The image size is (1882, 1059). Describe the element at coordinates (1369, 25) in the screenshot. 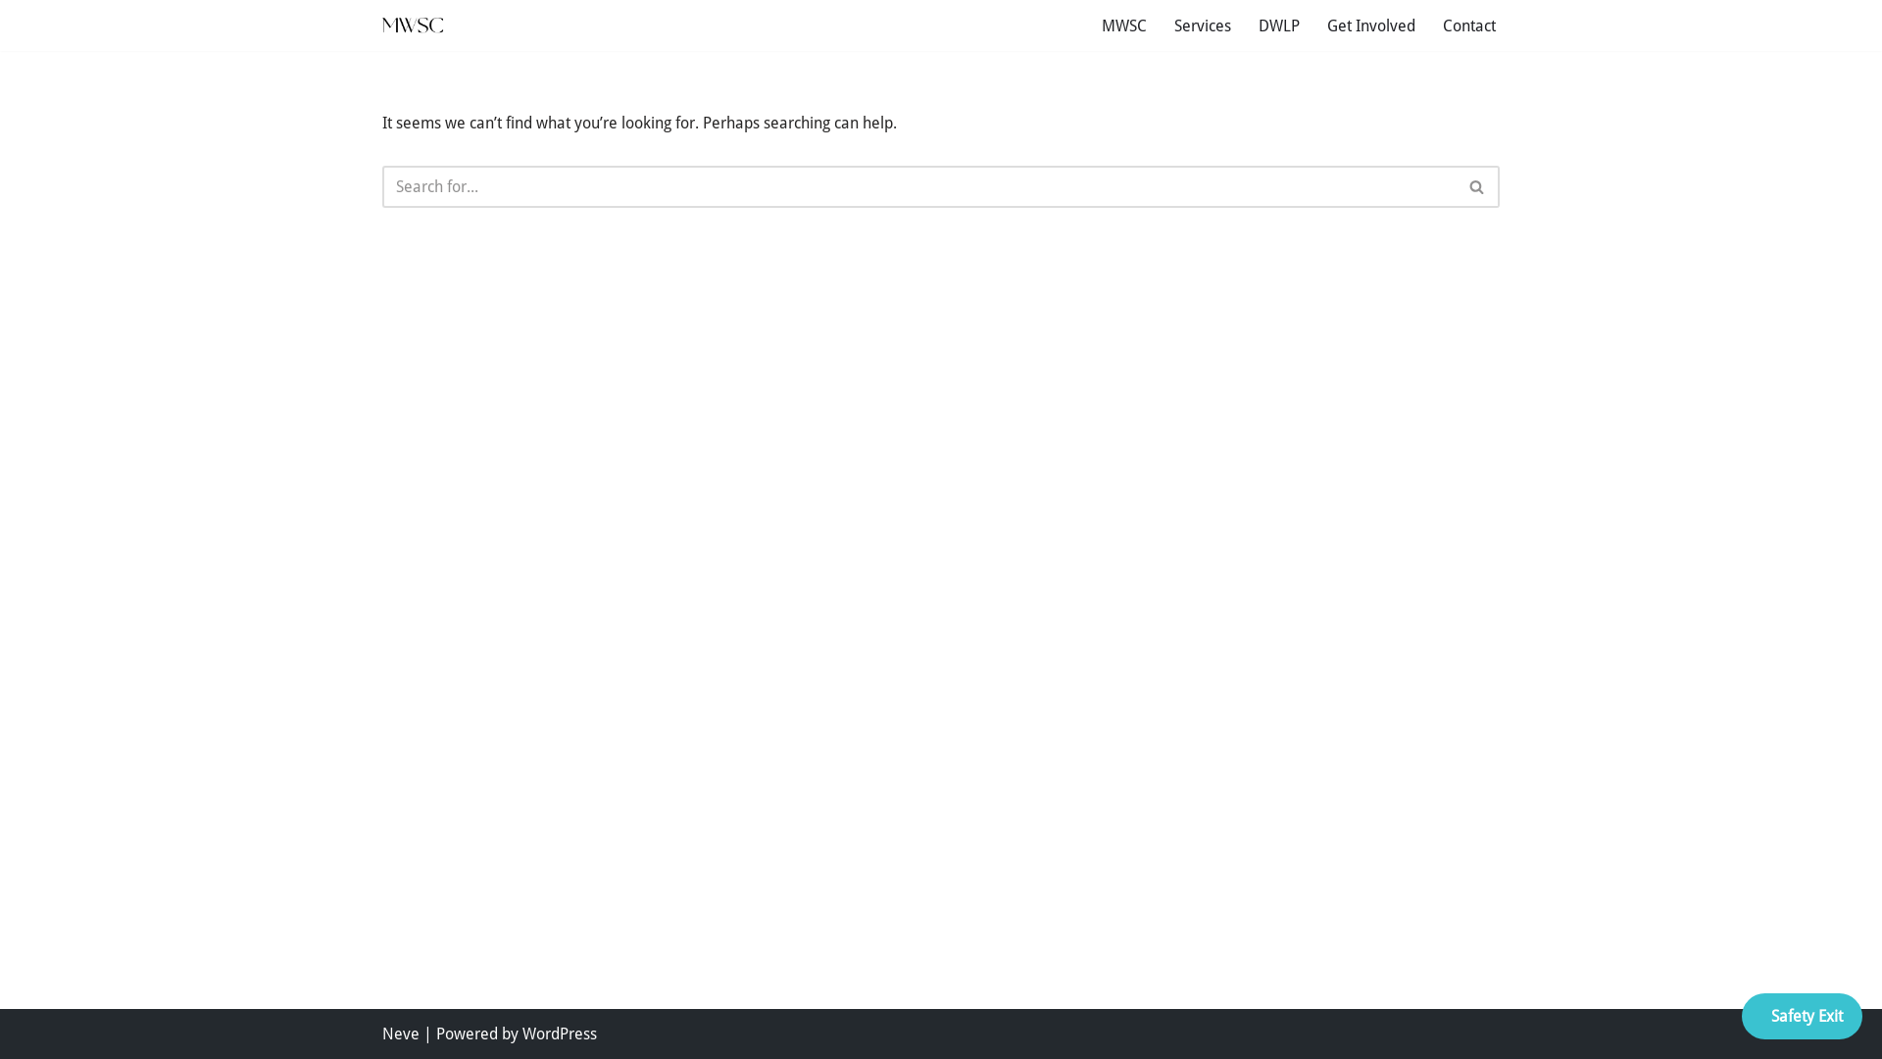

I see `'Get Involved'` at that location.